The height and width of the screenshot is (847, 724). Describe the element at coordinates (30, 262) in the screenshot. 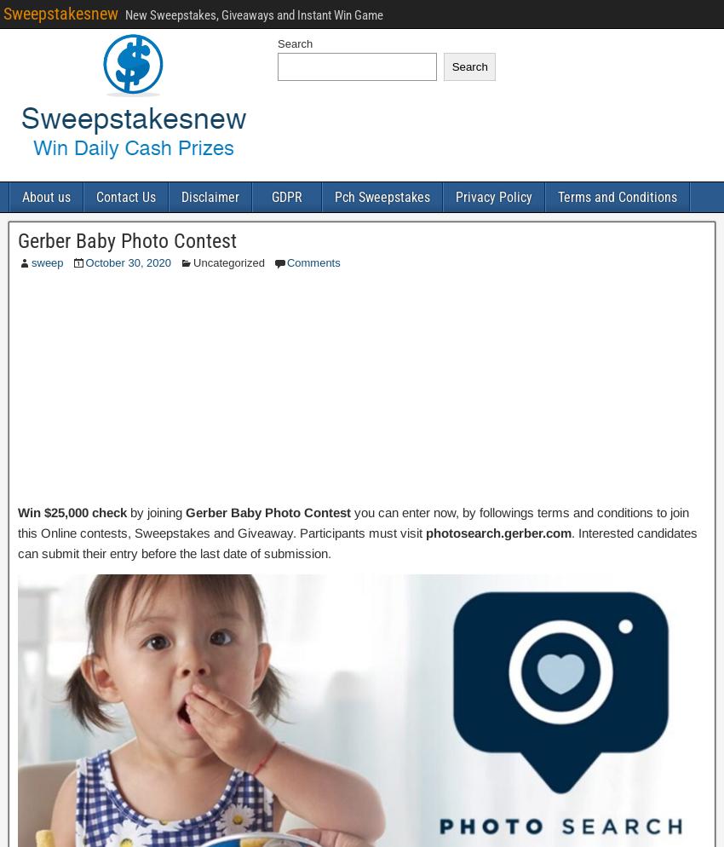

I see `'sweep'` at that location.